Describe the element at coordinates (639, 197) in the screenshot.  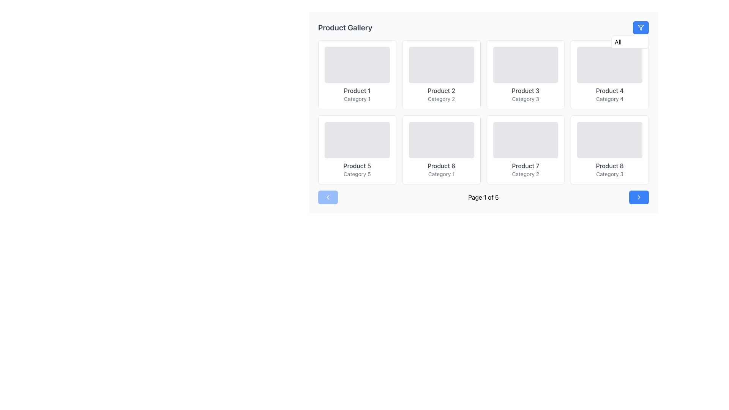
I see `the chevron icon located inside the blue rounded rectangular button` at that location.